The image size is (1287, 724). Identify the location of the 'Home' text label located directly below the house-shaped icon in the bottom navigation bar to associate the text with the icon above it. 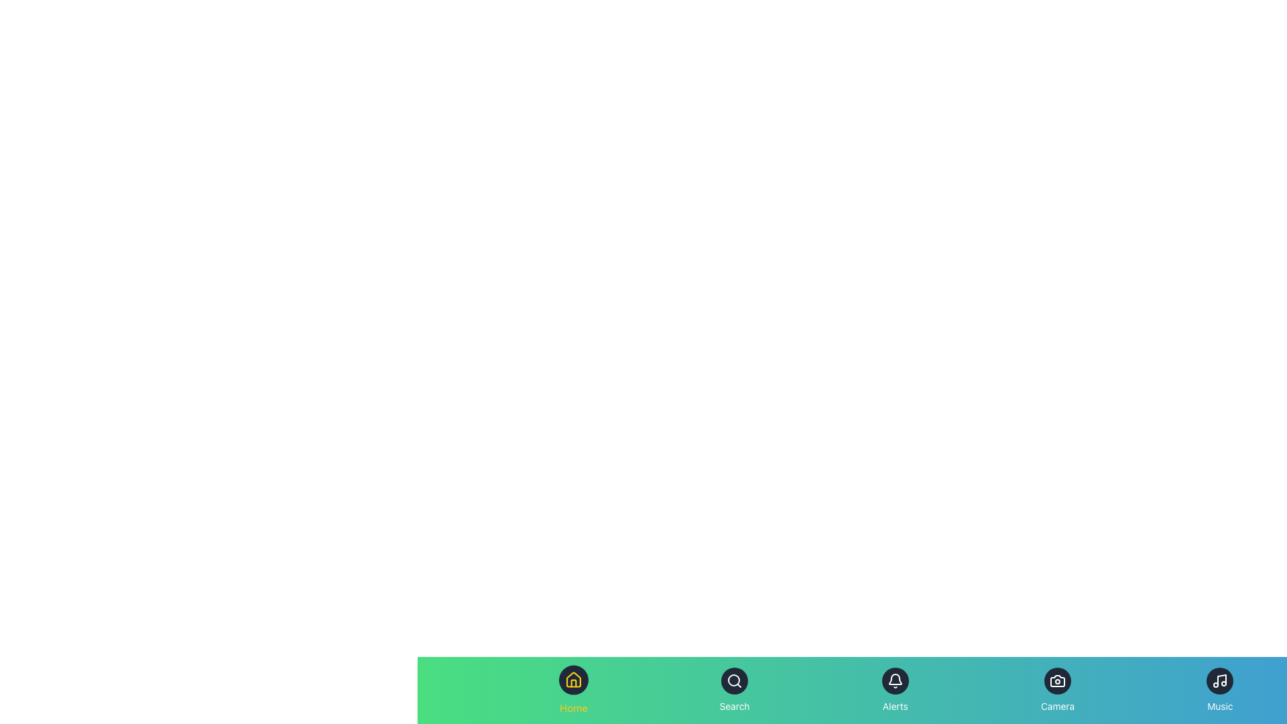
(573, 707).